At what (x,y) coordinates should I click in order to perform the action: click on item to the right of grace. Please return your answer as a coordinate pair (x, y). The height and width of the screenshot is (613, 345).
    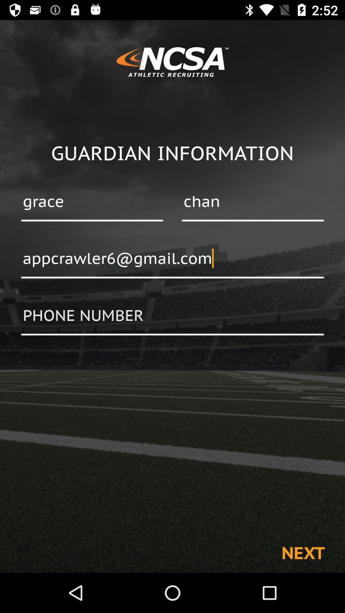
    Looking at the image, I should click on (252, 202).